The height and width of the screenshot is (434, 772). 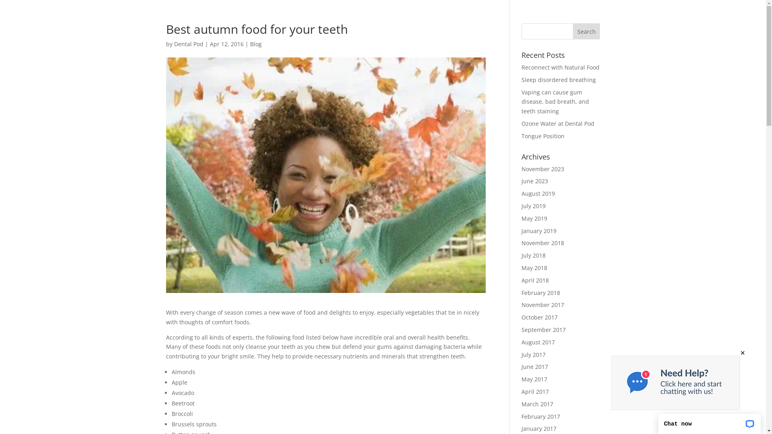 What do you see at coordinates (521, 416) in the screenshot?
I see `'February 2017'` at bounding box center [521, 416].